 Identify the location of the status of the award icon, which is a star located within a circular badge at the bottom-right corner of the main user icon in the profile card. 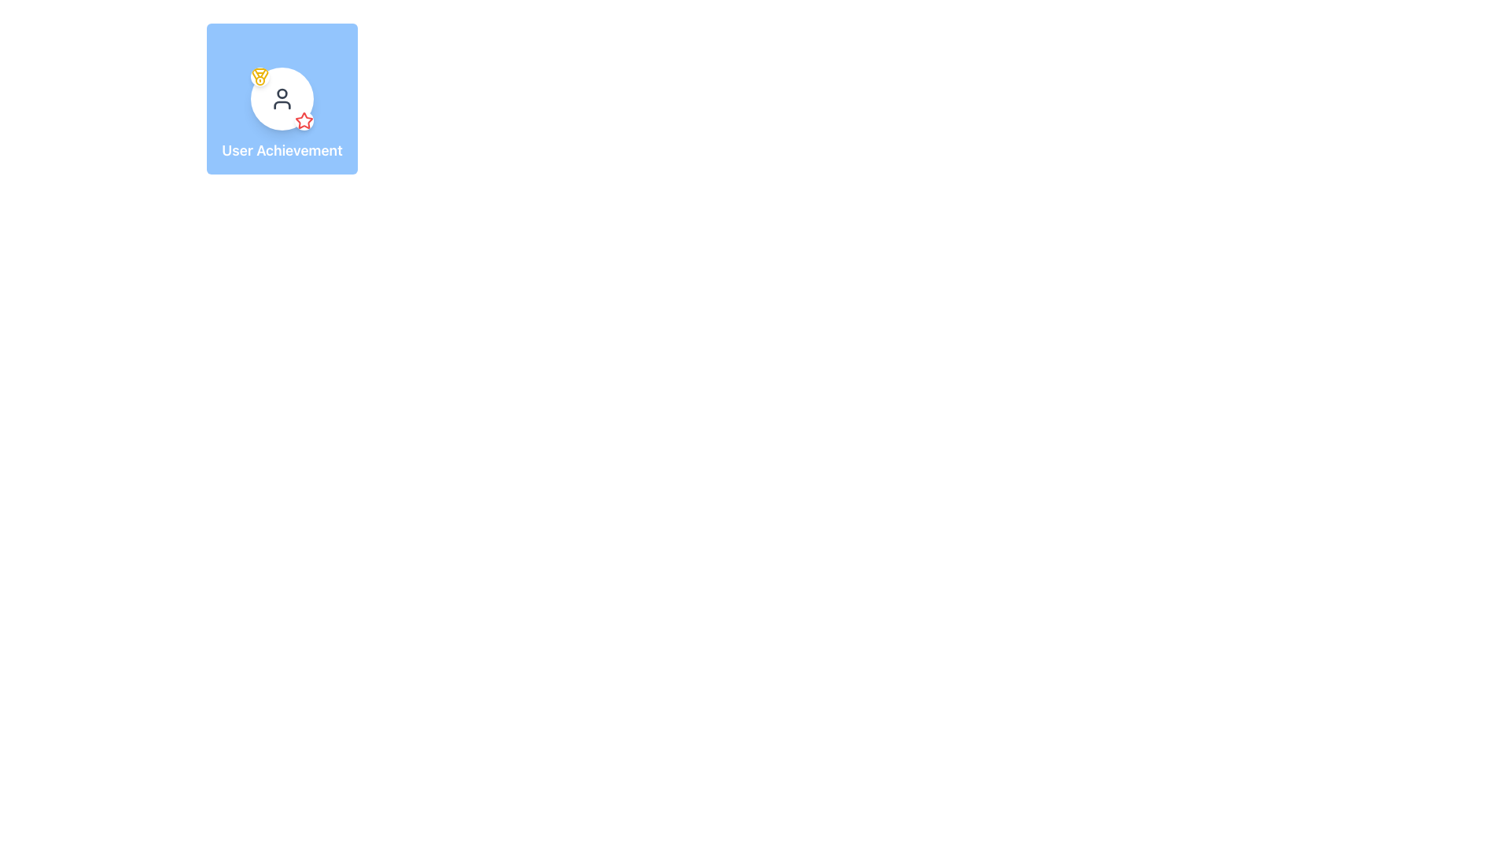
(304, 119).